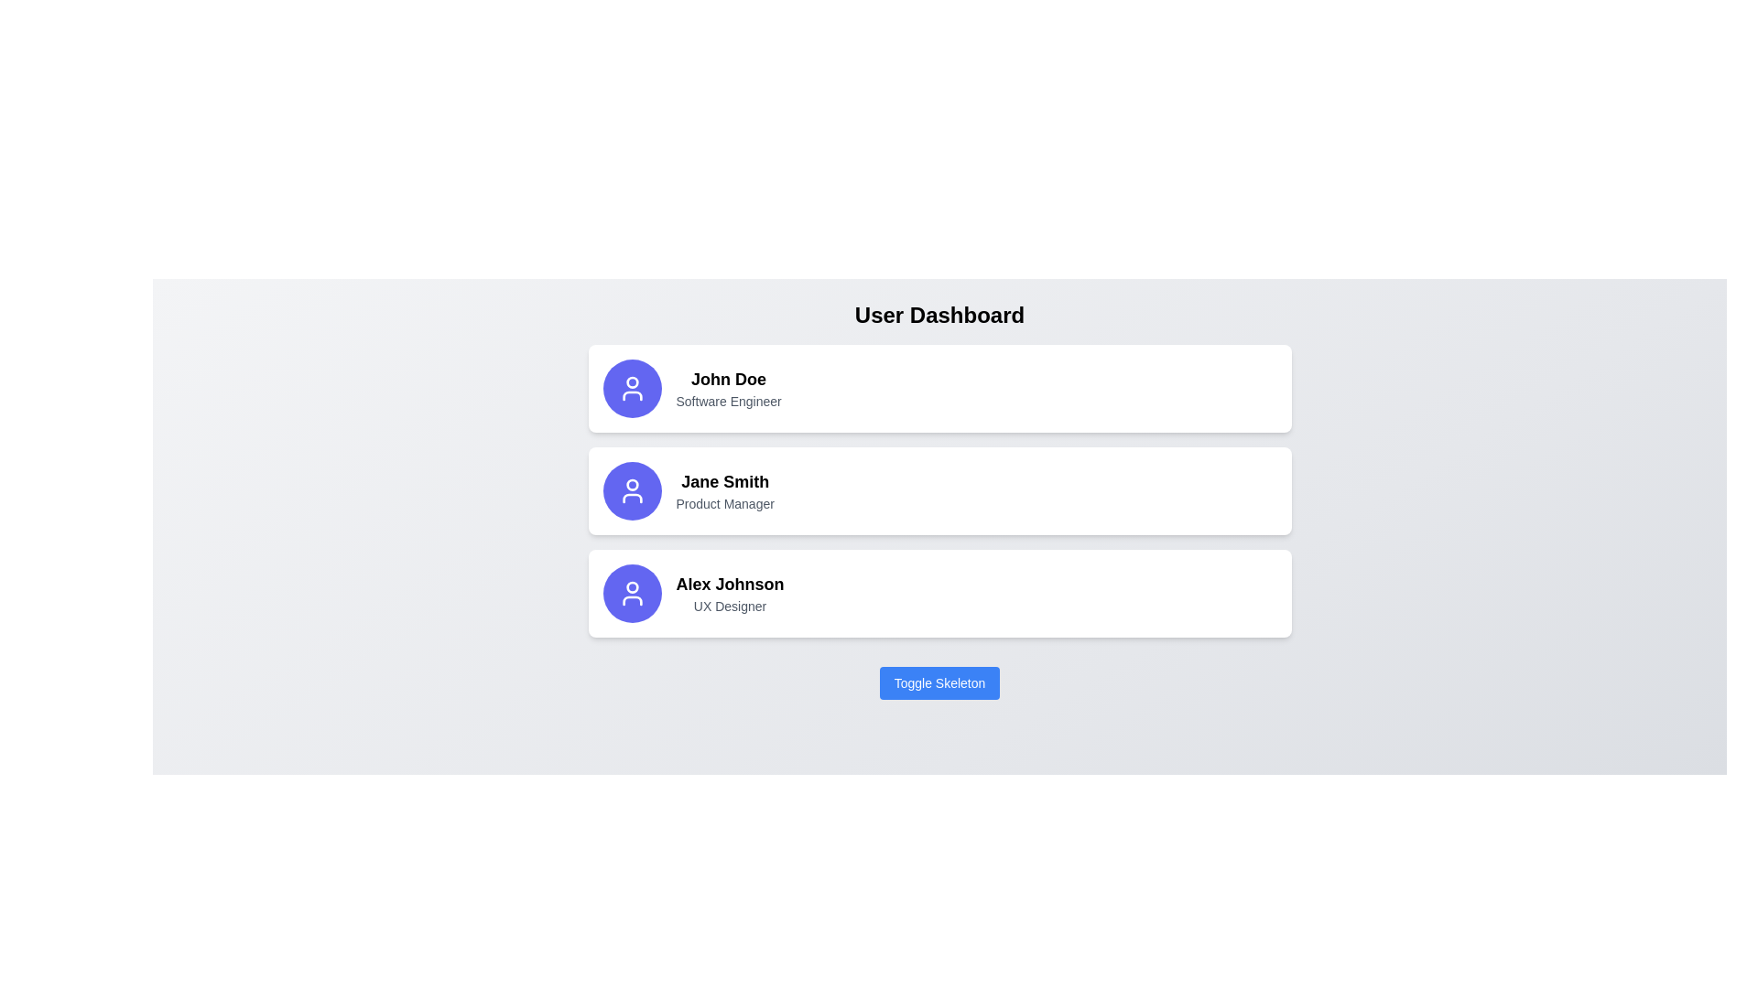 The height and width of the screenshot is (988, 1758). Describe the element at coordinates (632, 387) in the screenshot. I see `the user's profile SVG icon located at the top-left corner of the user list, specifically to the left of 'John Doe's' name` at that location.